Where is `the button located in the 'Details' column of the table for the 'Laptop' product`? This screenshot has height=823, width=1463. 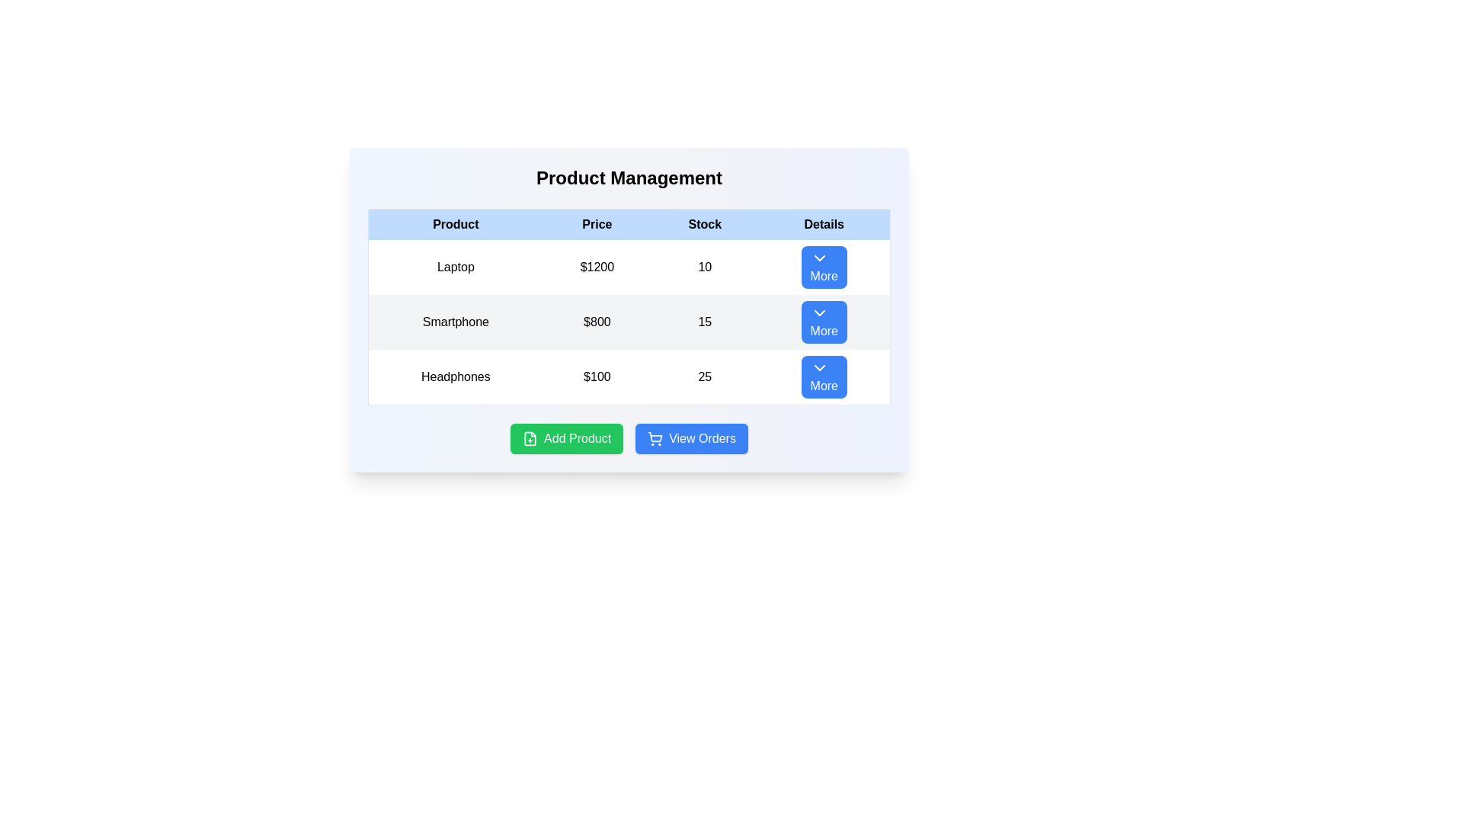 the button located in the 'Details' column of the table for the 'Laptop' product is located at coordinates (823, 267).